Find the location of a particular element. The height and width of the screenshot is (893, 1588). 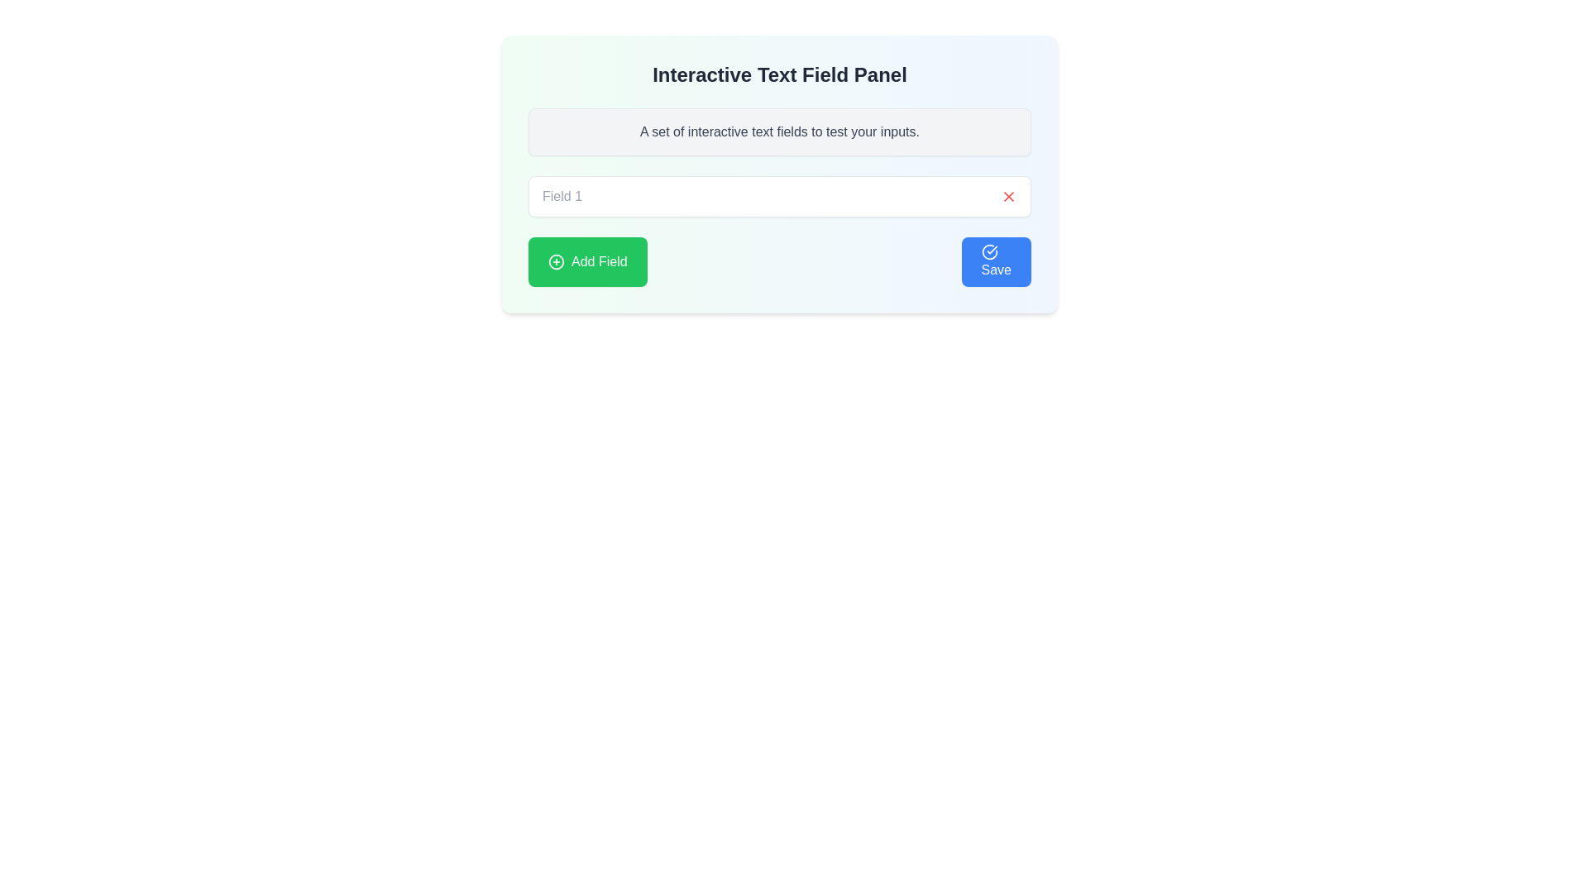

the Vector Graphic (Circle) which is part of the 'Add Field' button icon is located at coordinates (556, 260).